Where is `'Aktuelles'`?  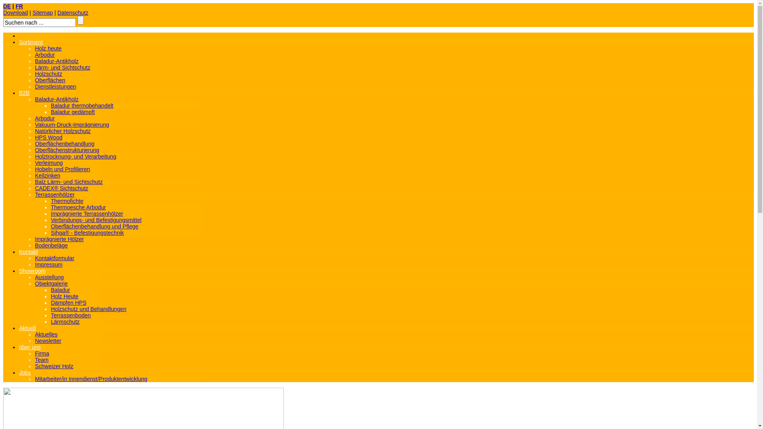 'Aktuelles' is located at coordinates (34, 334).